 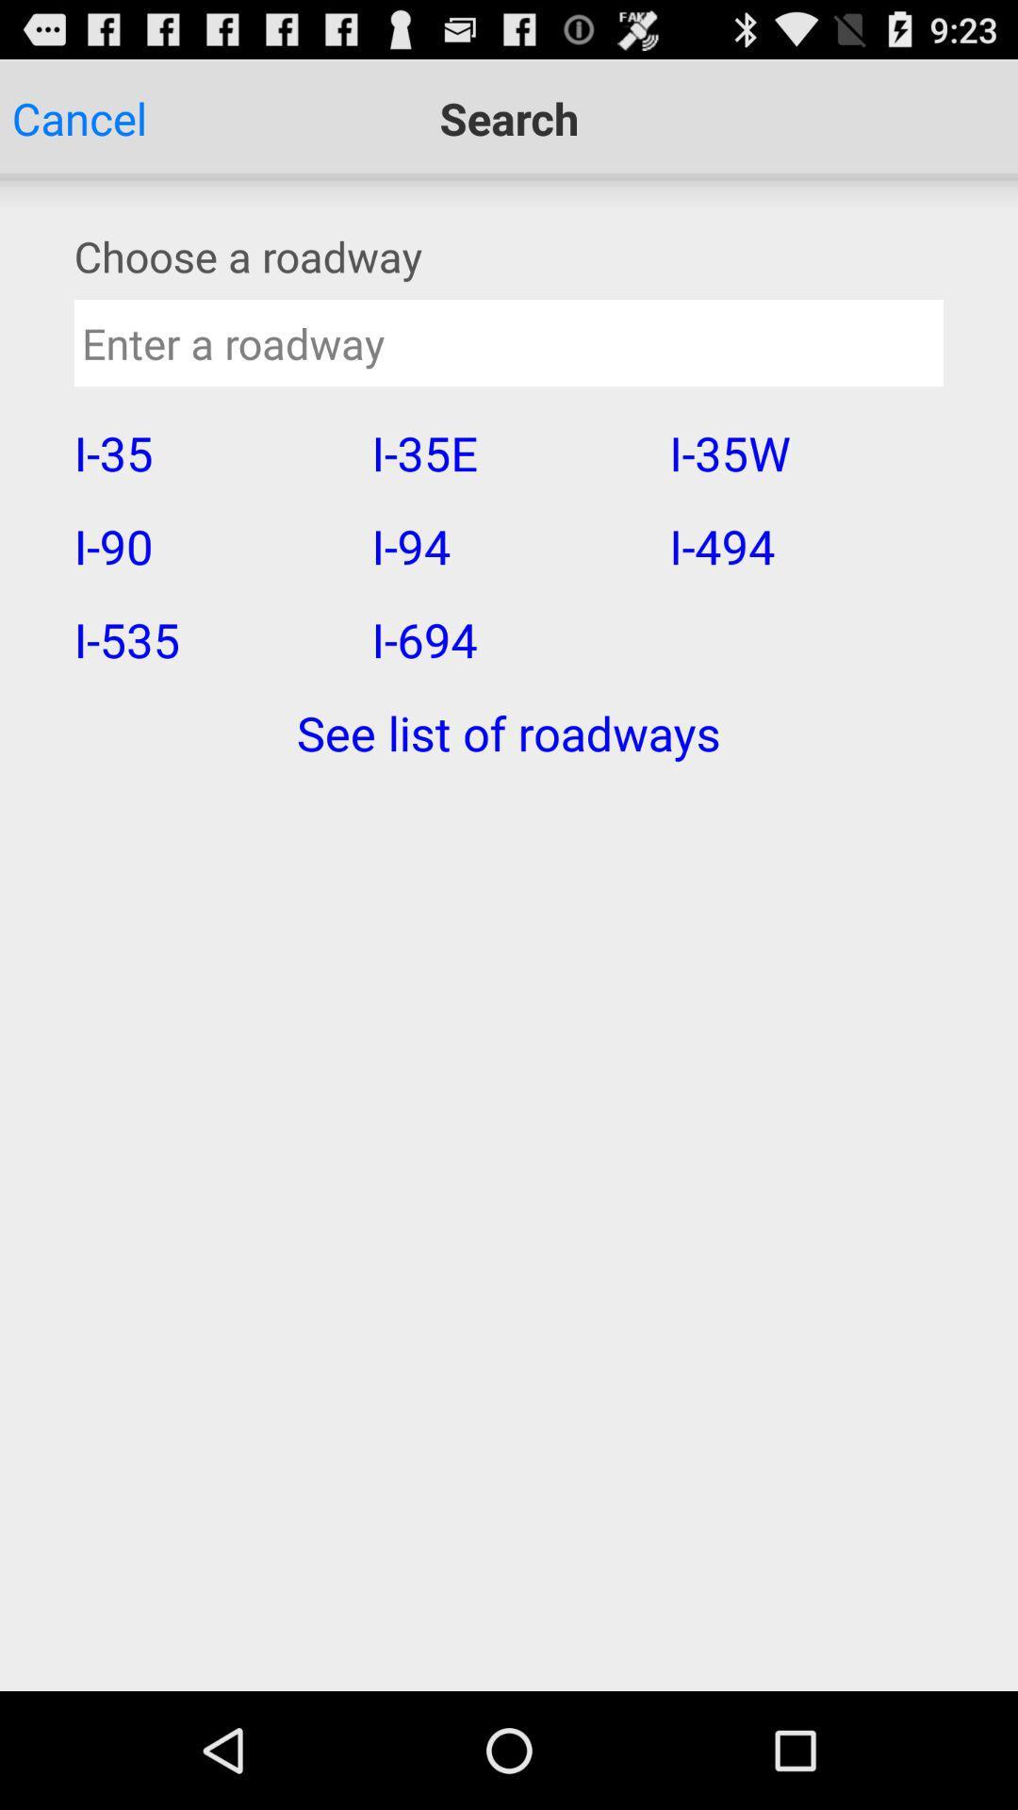 I want to click on the cancel item, so click(x=78, y=117).